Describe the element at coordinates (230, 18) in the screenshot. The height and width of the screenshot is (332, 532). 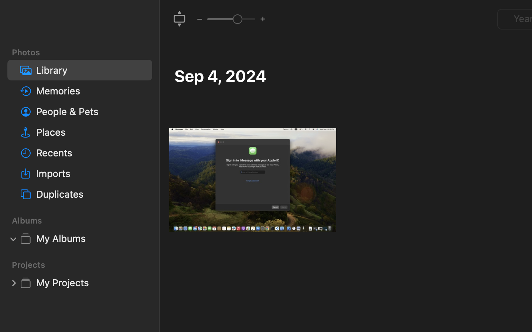
I see `'2.0'` at that location.